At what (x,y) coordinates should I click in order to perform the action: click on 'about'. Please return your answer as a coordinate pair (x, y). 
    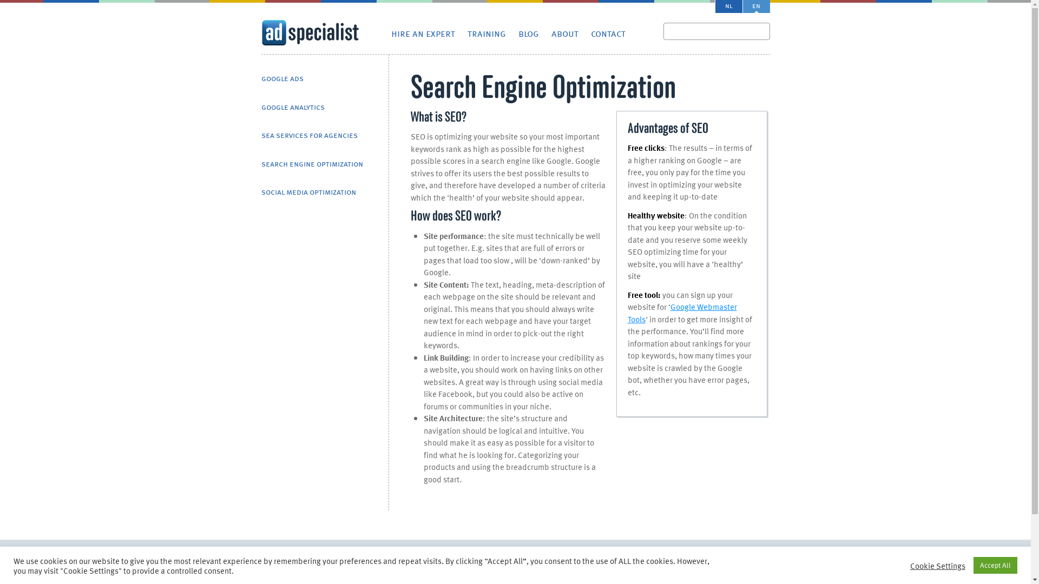
    Looking at the image, I should click on (563, 33).